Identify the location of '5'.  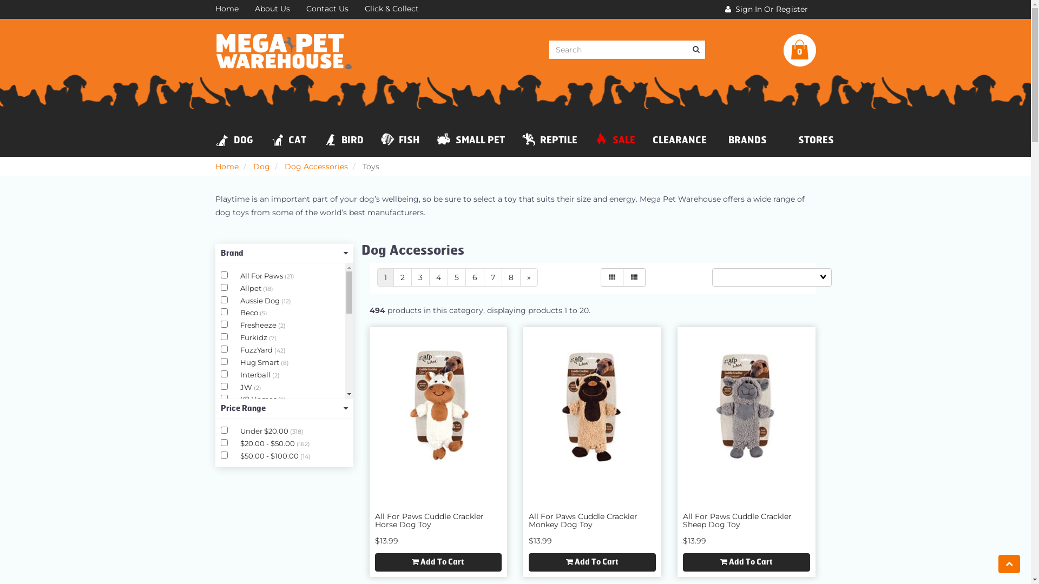
(446, 277).